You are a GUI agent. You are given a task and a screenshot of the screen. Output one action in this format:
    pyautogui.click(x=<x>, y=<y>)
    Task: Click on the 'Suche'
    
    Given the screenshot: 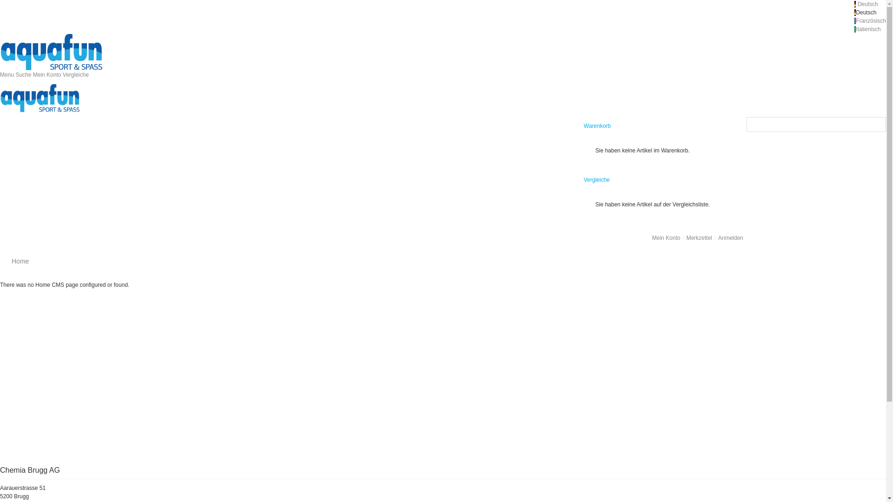 What is the action you would take?
    pyautogui.click(x=877, y=125)
    